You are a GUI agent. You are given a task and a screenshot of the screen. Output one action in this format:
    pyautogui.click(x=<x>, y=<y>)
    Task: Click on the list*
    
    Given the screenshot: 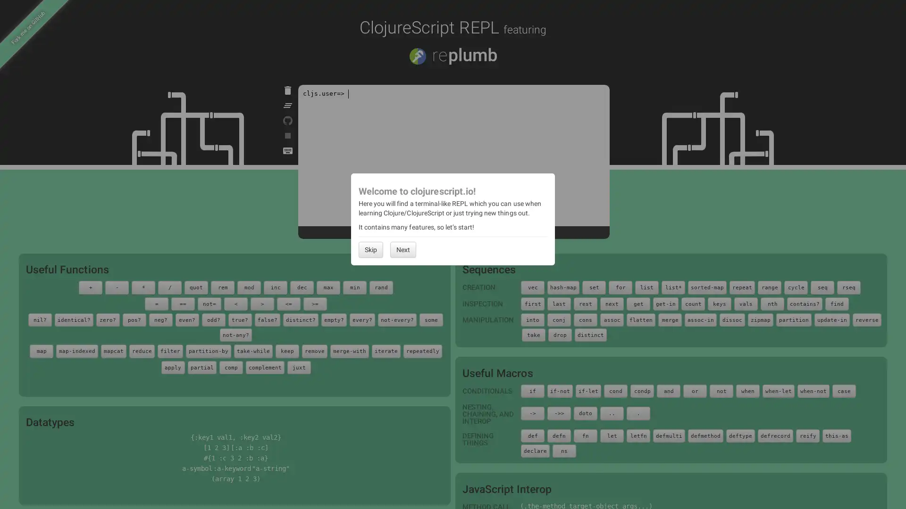 What is the action you would take?
    pyautogui.click(x=672, y=287)
    